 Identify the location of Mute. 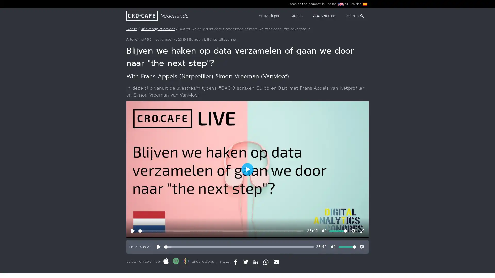
(333, 247).